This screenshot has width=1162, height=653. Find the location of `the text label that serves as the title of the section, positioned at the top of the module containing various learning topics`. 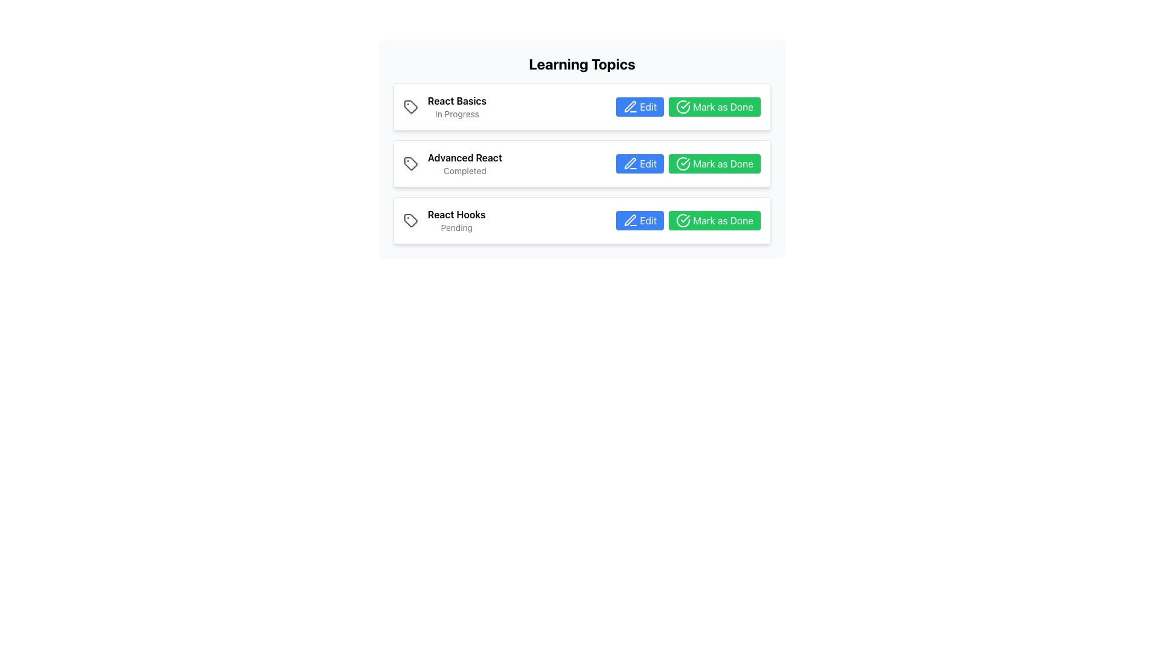

the text label that serves as the title of the section, positioned at the top of the module containing various learning topics is located at coordinates (582, 63).